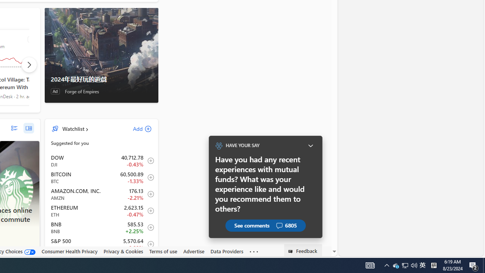  Describe the element at coordinates (73, 128) in the screenshot. I see `'Watchlist'` at that location.